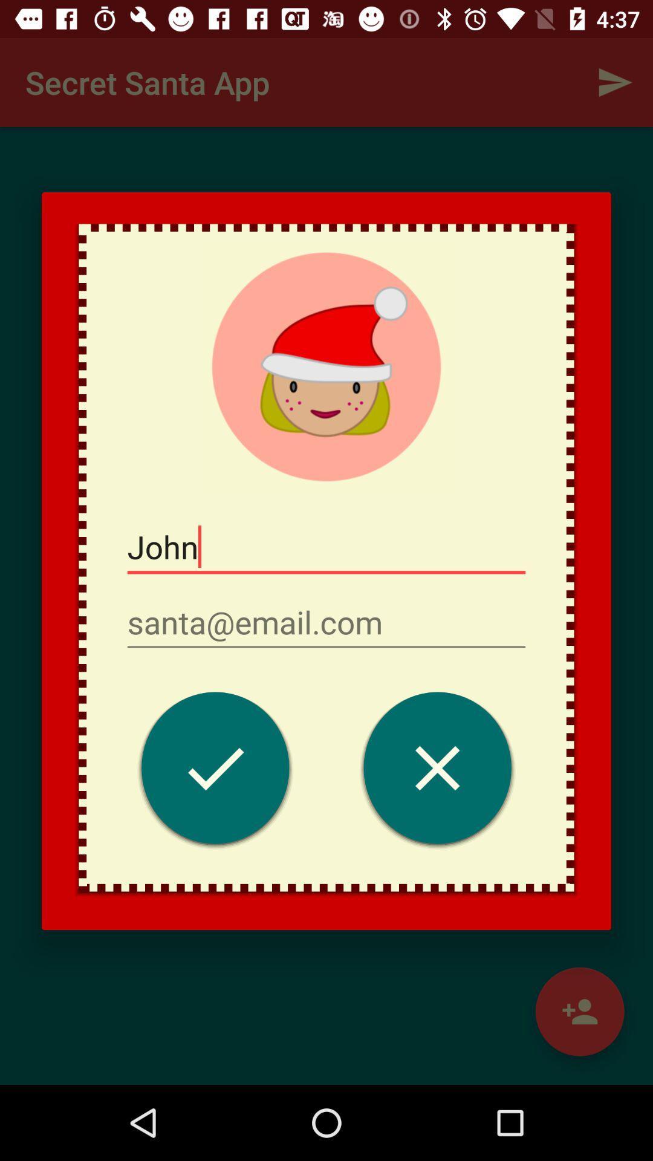 This screenshot has height=1161, width=653. I want to click on cancel, so click(437, 770).